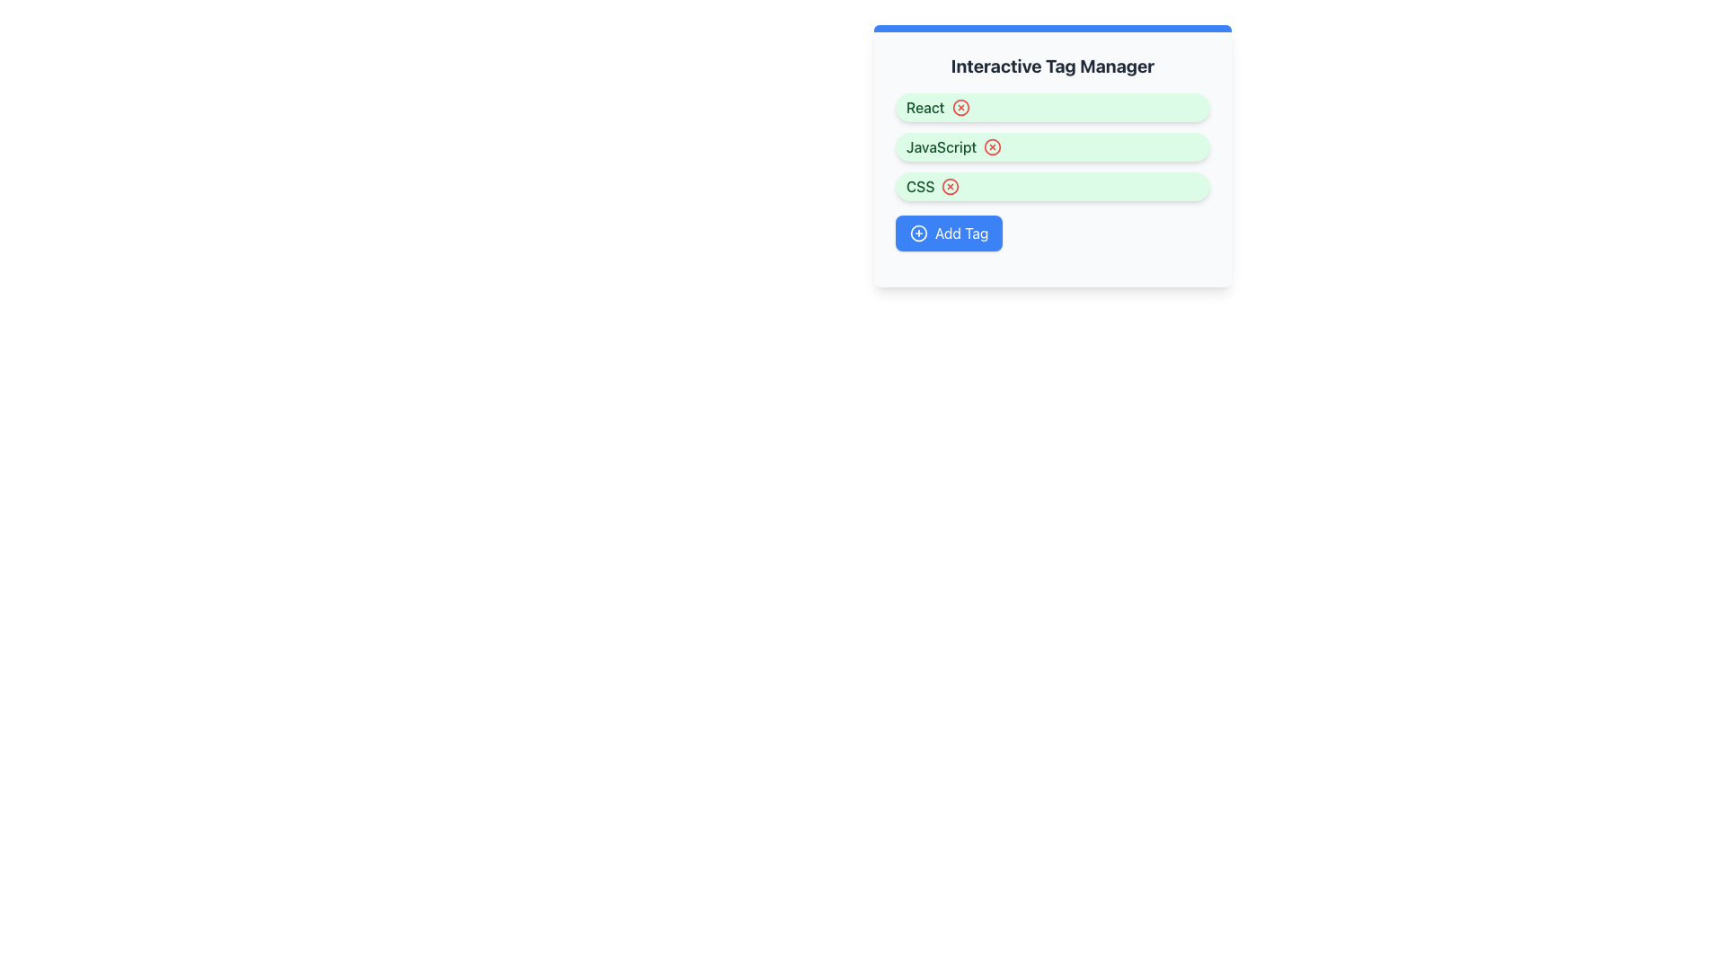 This screenshot has height=970, width=1725. Describe the element at coordinates (918, 232) in the screenshot. I see `the plus sign icon within the 'Add Tag' button, which is styled with a modern minimal design and positioned left of the 'Add Tag' text` at that location.